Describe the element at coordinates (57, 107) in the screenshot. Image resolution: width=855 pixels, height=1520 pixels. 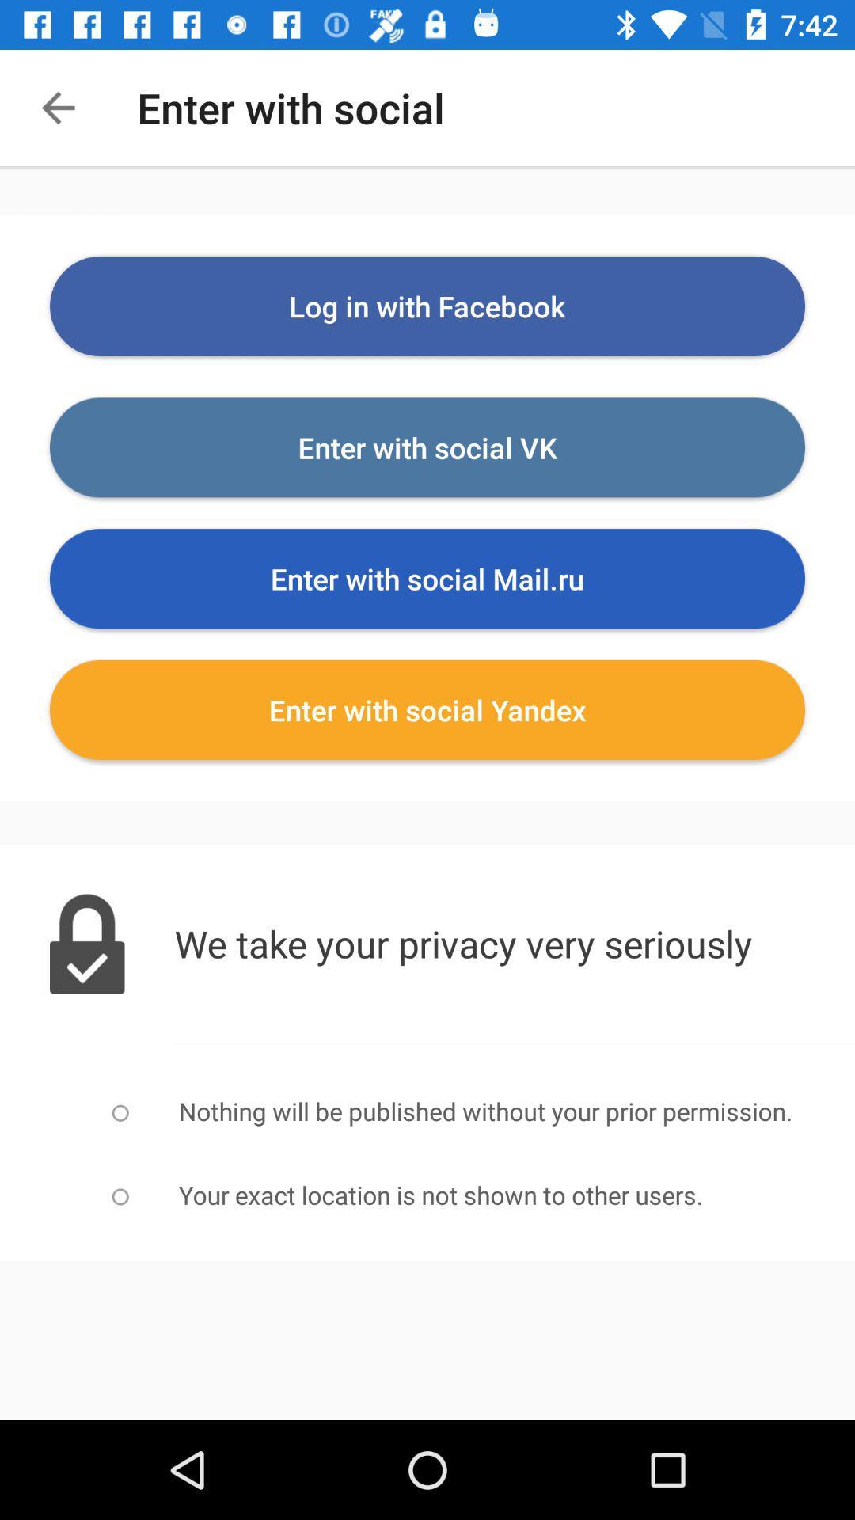
I see `item at the top left corner` at that location.